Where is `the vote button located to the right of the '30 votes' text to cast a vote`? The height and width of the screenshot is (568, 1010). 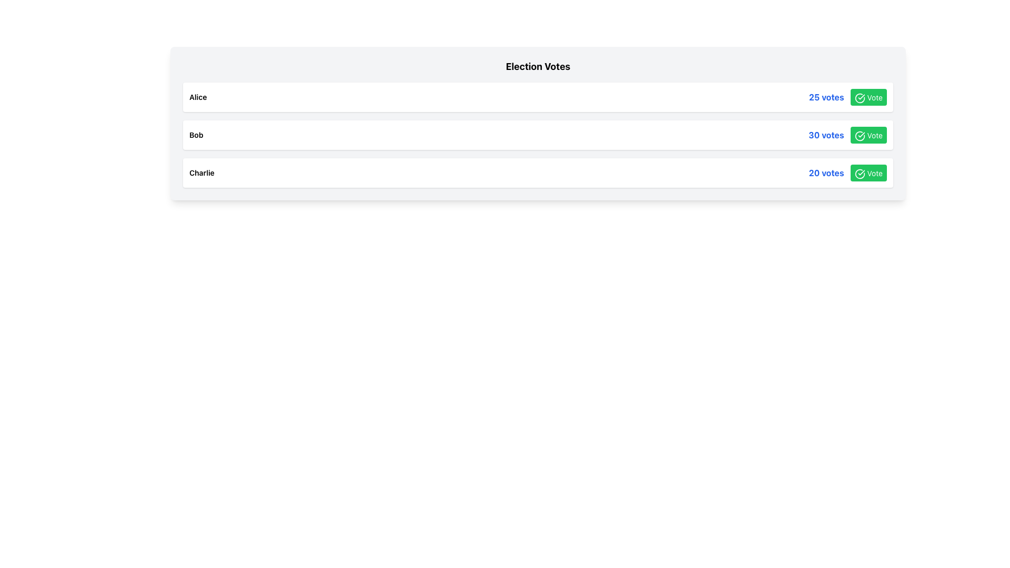
the vote button located to the right of the '30 votes' text to cast a vote is located at coordinates (868, 135).